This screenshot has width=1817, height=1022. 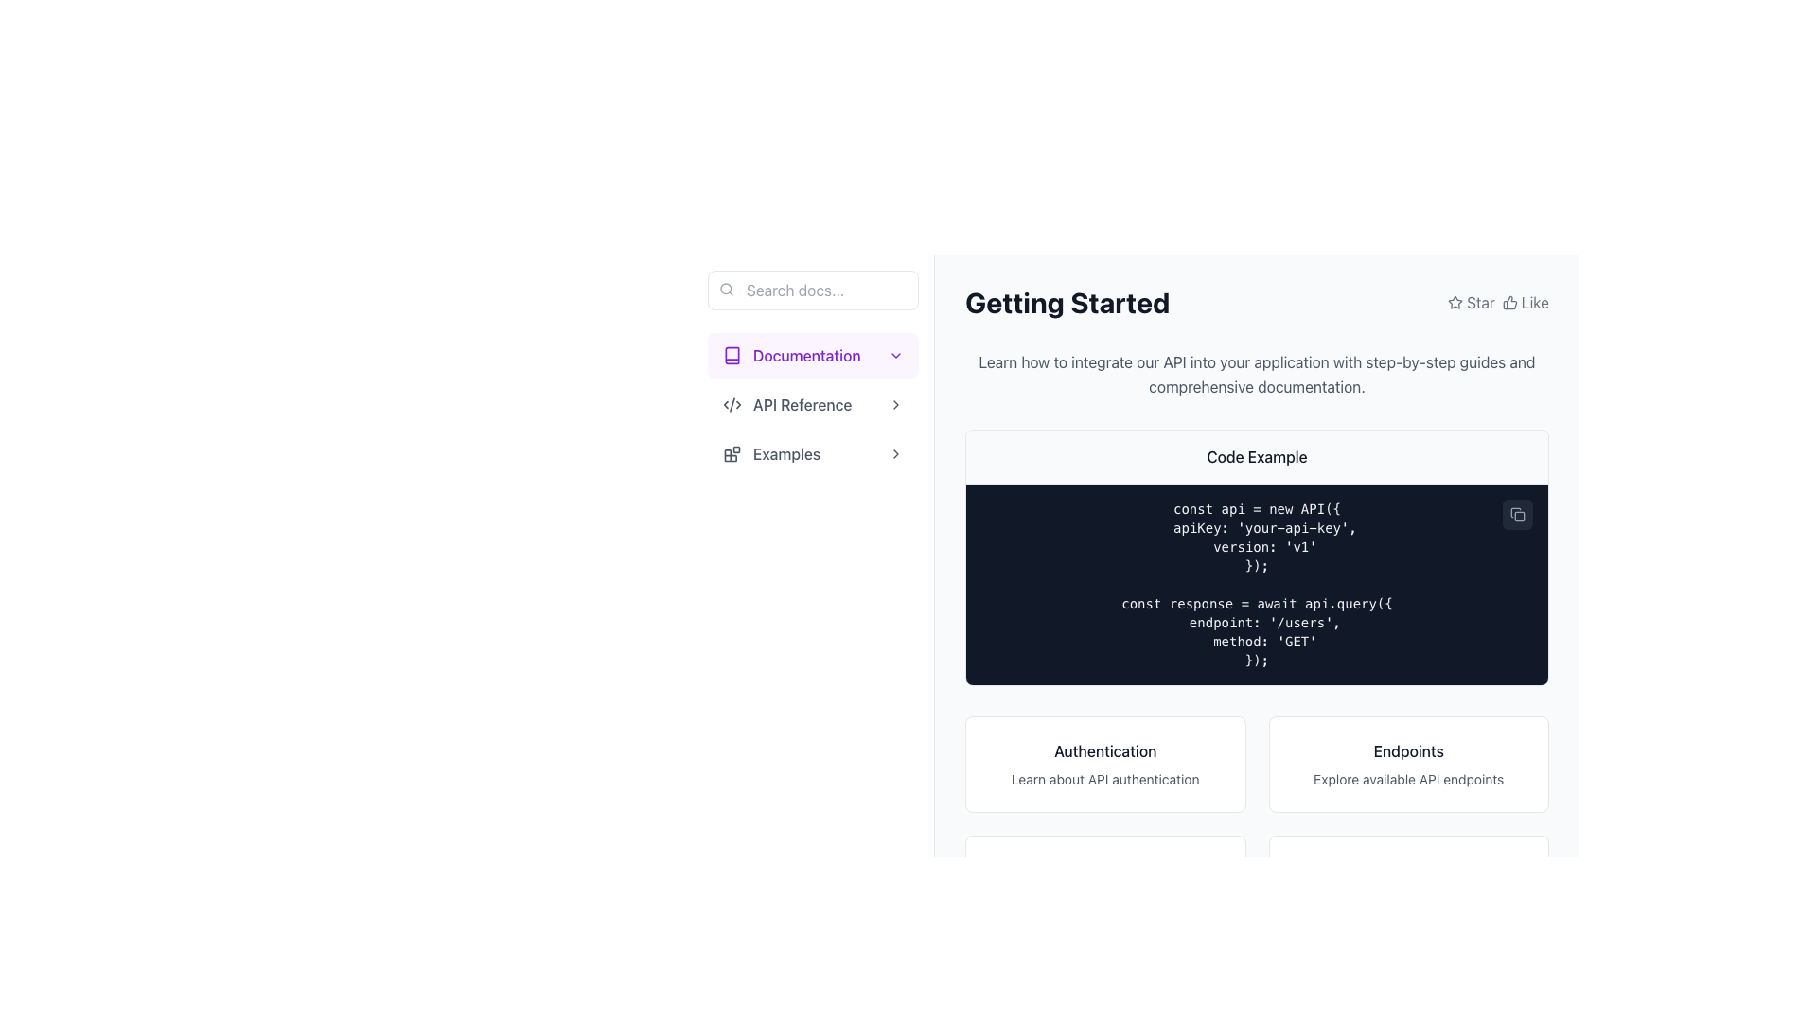 What do you see at coordinates (1471, 302) in the screenshot?
I see `the star button located in the top-right corner of the main content area` at bounding box center [1471, 302].